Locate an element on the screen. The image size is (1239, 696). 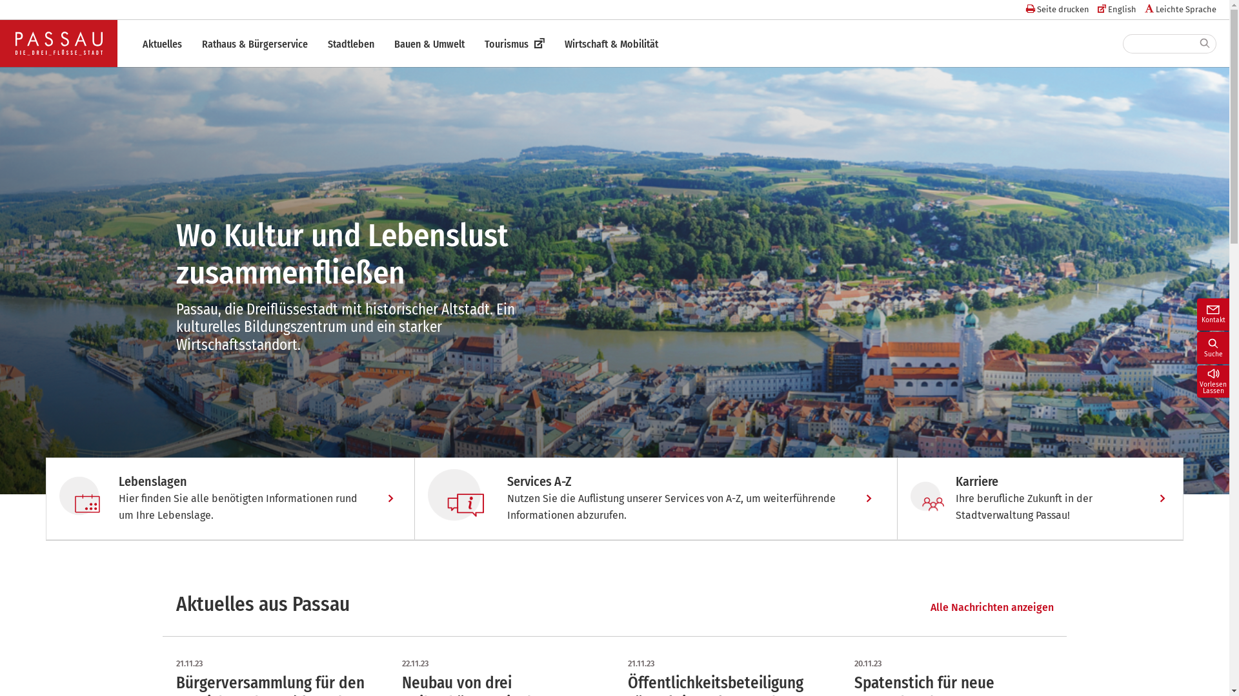
'Kontakt' is located at coordinates (1213, 314).